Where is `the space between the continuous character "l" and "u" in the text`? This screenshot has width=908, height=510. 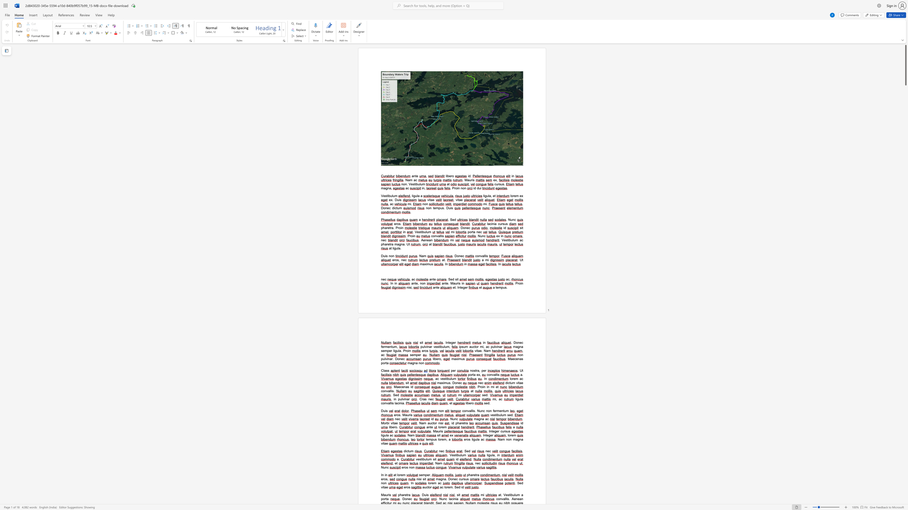
the space between the continuous character "l" and "u" in the text is located at coordinates (515, 495).